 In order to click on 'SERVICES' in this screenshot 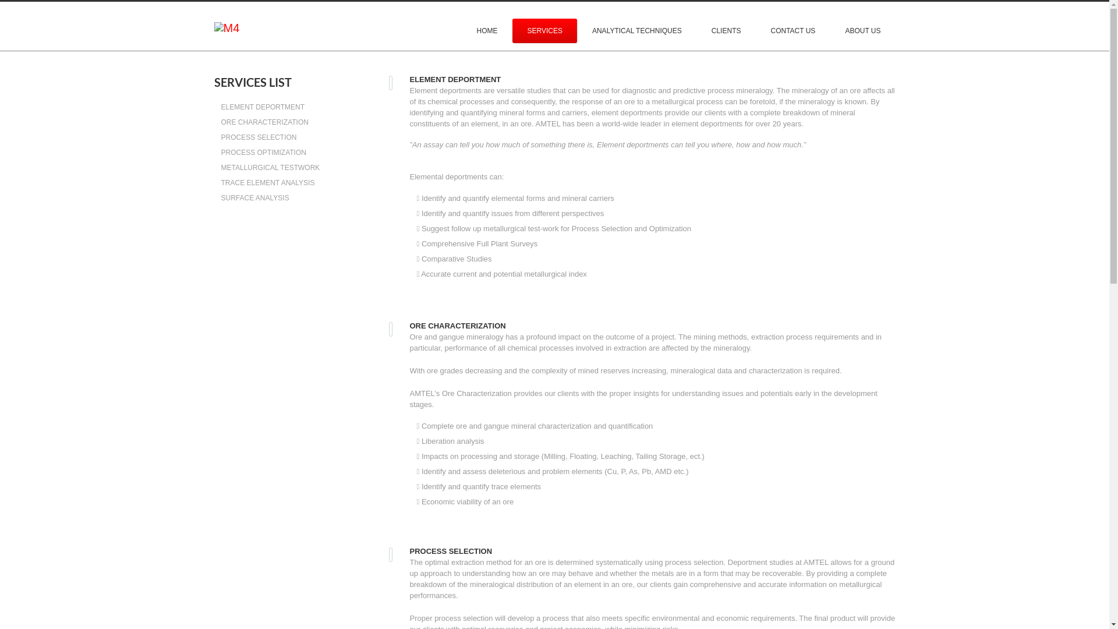, I will do `click(544, 30)`.